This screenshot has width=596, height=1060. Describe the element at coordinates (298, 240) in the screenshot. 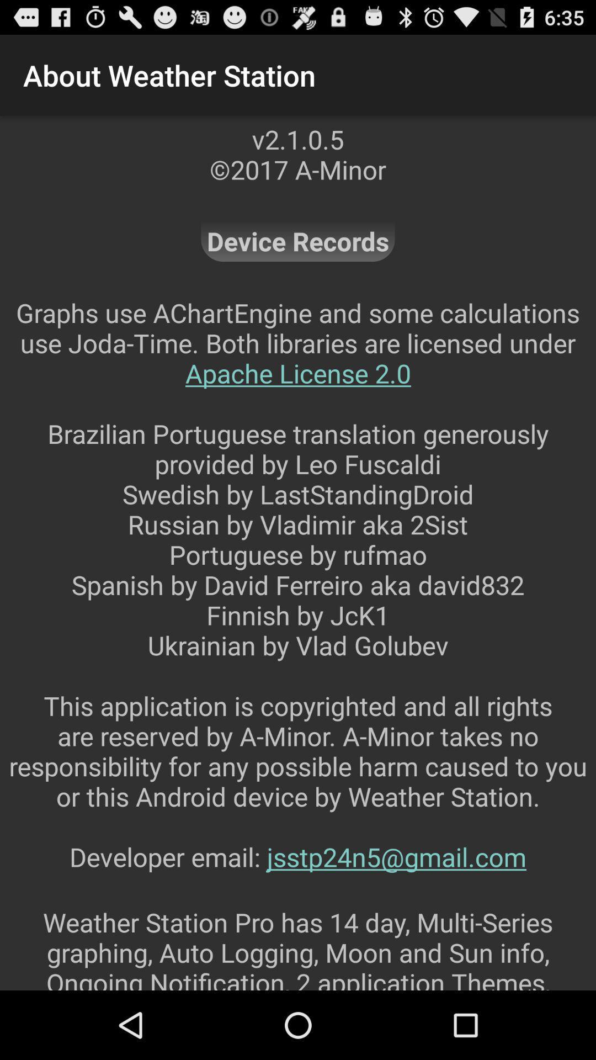

I see `the app below v2 1 0` at that location.